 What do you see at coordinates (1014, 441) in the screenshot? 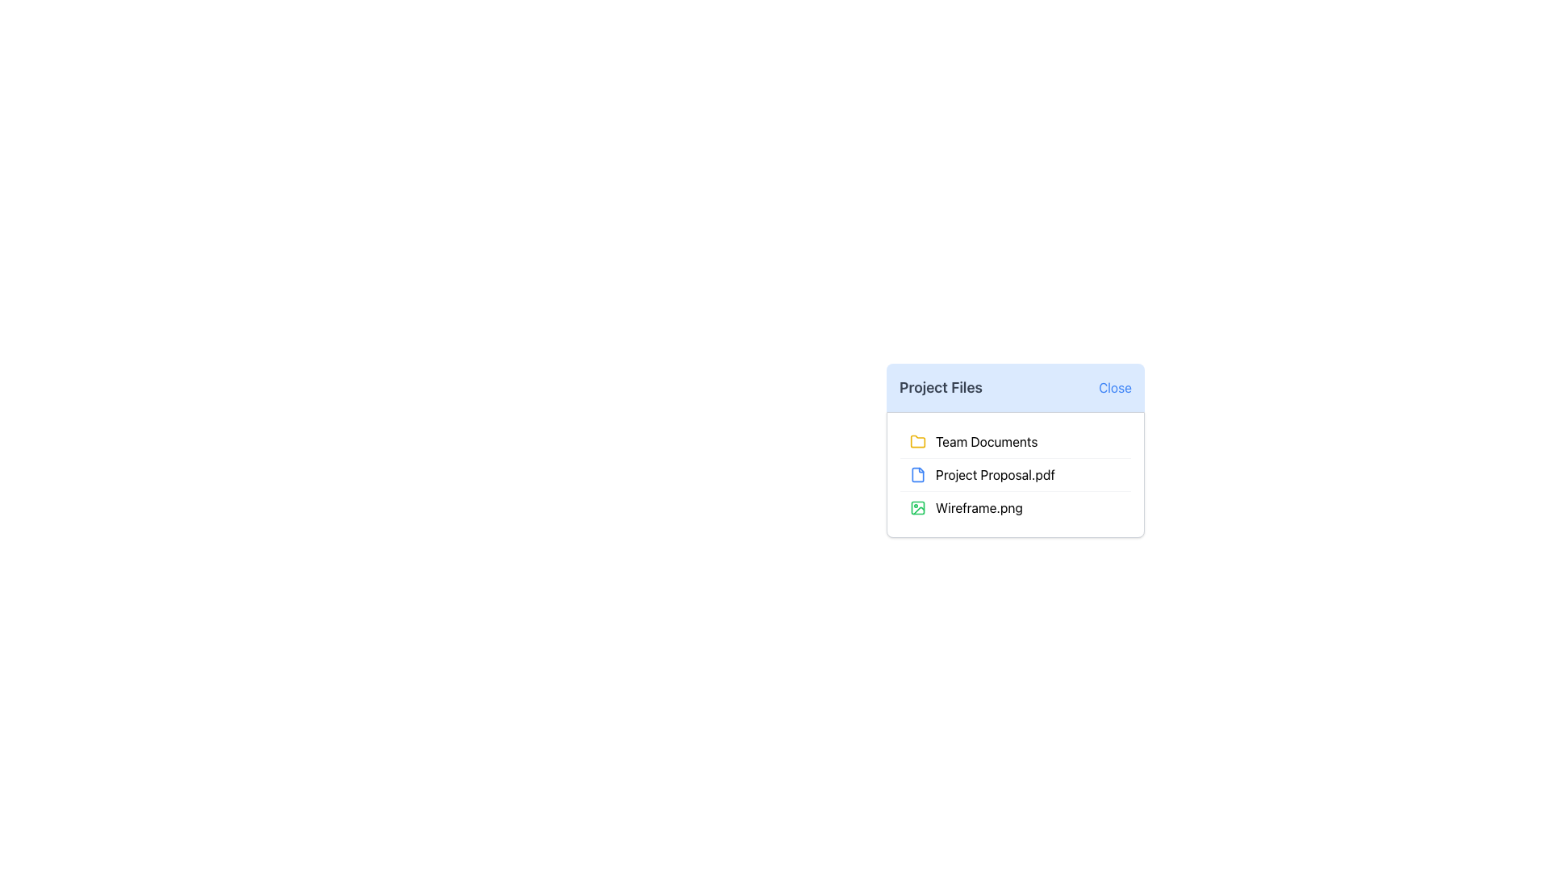
I see `the first item in the vertical list within the 'Project Files' card, which is the navigational link to the folder named 'Team Documents'` at bounding box center [1014, 441].